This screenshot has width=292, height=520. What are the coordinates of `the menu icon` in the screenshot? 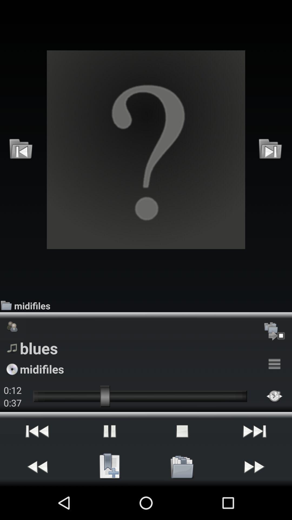 It's located at (274, 389).